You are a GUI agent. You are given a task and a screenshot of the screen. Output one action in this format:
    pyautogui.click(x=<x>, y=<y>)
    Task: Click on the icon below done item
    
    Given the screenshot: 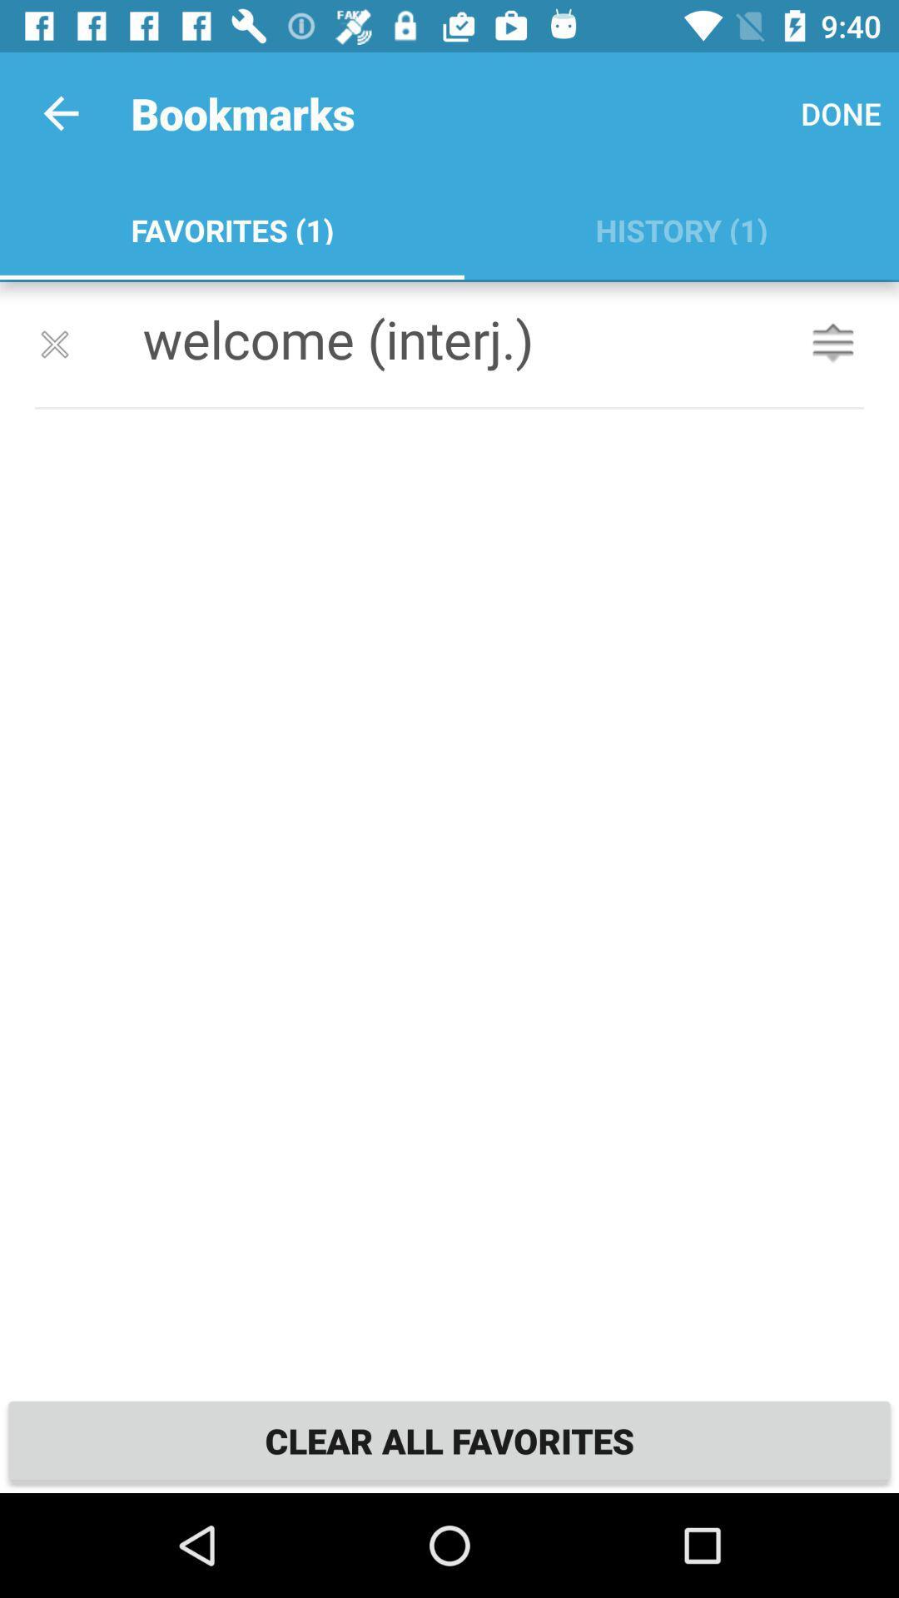 What is the action you would take?
    pyautogui.click(x=681, y=226)
    